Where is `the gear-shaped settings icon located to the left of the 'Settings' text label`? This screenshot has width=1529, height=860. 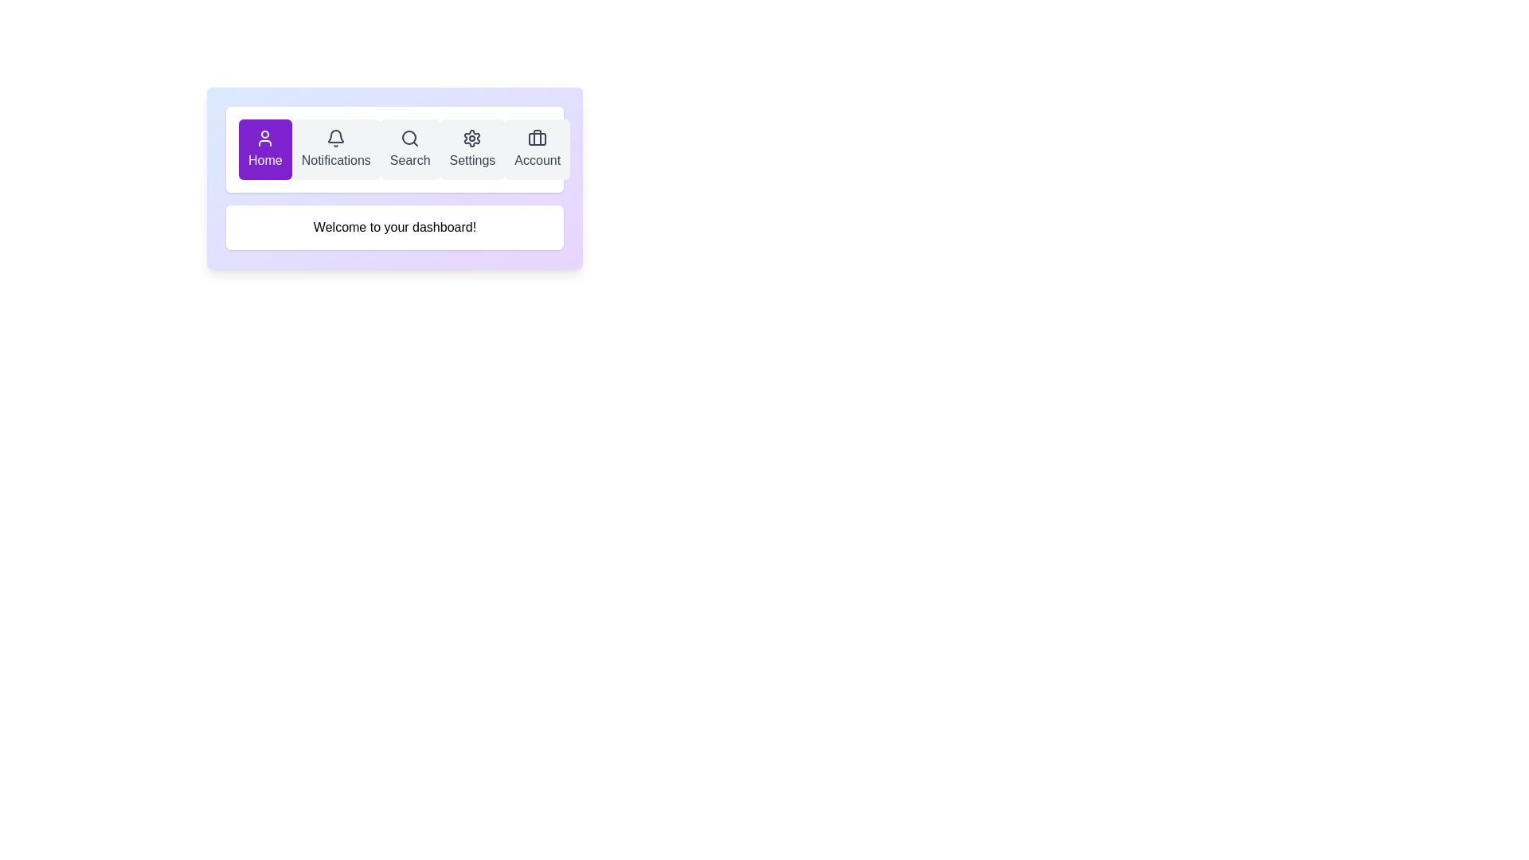 the gear-shaped settings icon located to the left of the 'Settings' text label is located at coordinates (471, 137).